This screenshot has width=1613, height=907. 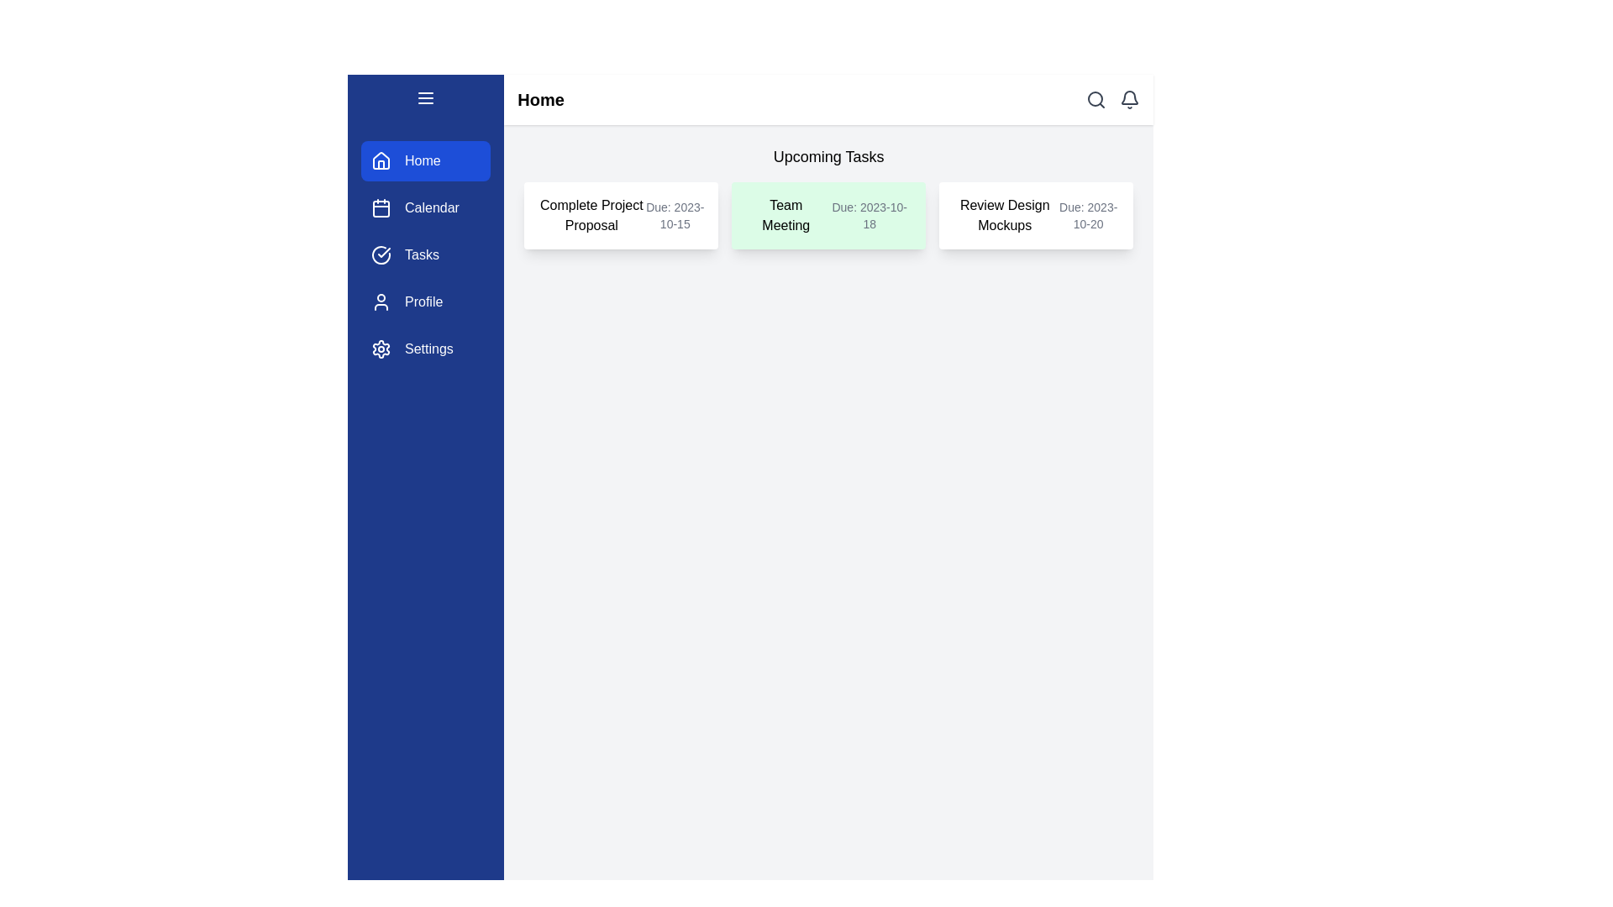 What do you see at coordinates (381, 160) in the screenshot?
I see `the house icon located in the left sidebar, which is styled with a minimalist design and represents the active 'Home' menu item` at bounding box center [381, 160].